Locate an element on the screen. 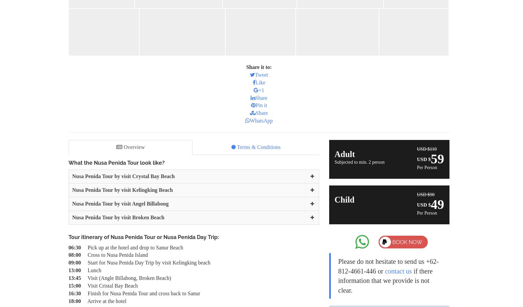  'Tour itinerary of Nusa Penida Tour or Nusa Penida Day Trip:' is located at coordinates (143, 237).